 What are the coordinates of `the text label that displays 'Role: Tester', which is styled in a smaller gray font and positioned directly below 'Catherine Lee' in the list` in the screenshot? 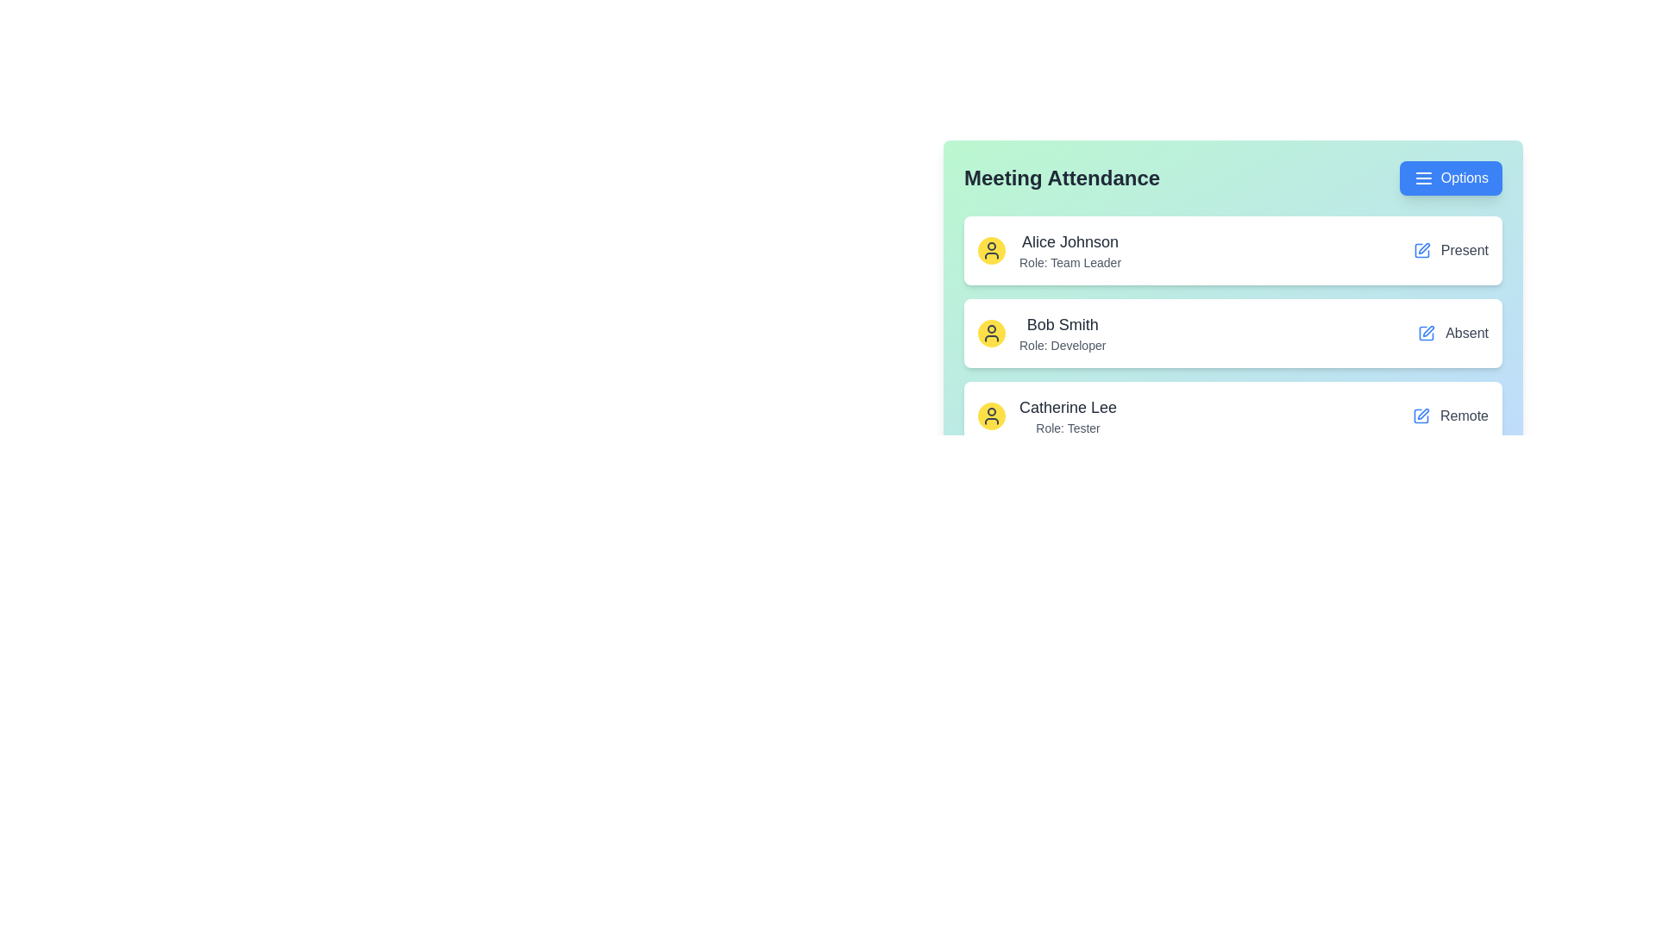 It's located at (1067, 428).